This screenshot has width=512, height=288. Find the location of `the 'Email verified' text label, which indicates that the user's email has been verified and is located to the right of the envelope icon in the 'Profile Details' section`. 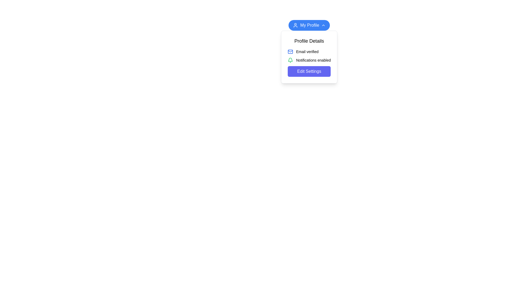

the 'Email verified' text label, which indicates that the user's email has been verified and is located to the right of the envelope icon in the 'Profile Details' section is located at coordinates (307, 51).